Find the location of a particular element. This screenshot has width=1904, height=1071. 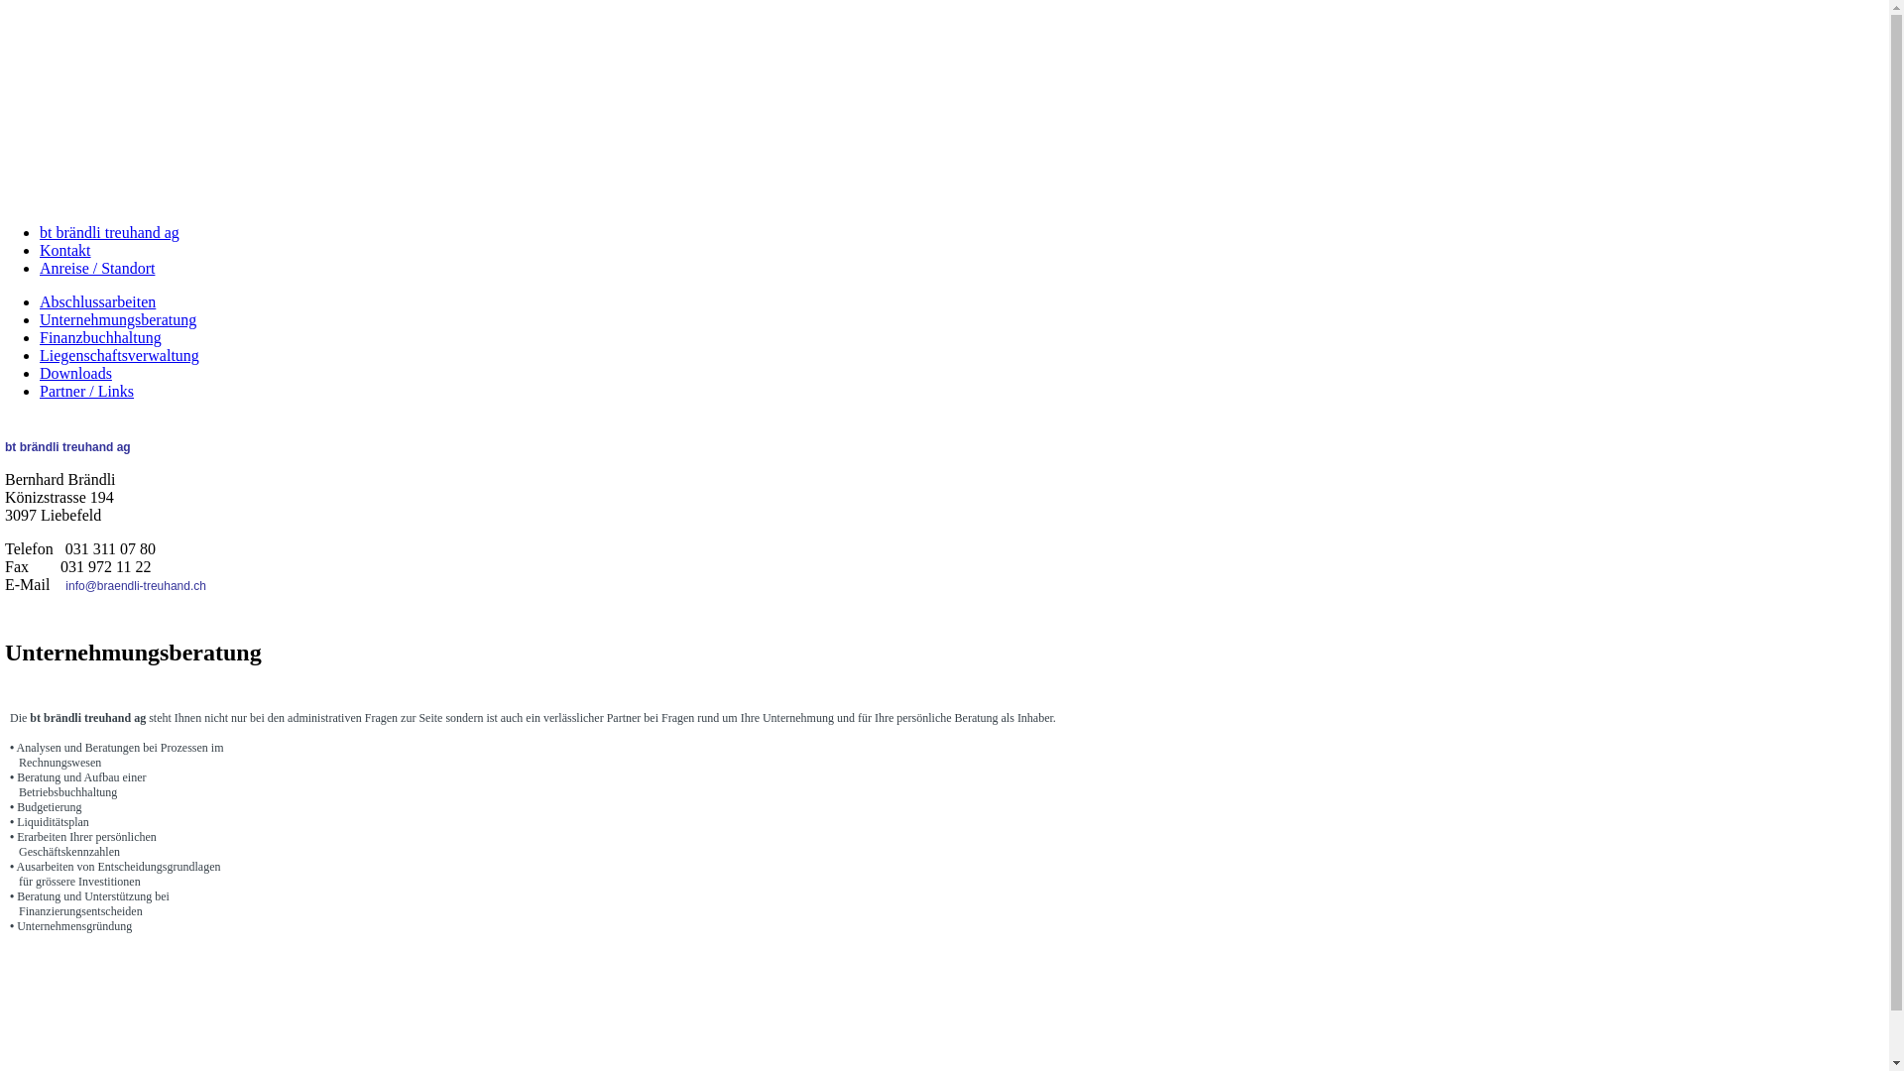

'Anreise / Standort' is located at coordinates (95, 268).